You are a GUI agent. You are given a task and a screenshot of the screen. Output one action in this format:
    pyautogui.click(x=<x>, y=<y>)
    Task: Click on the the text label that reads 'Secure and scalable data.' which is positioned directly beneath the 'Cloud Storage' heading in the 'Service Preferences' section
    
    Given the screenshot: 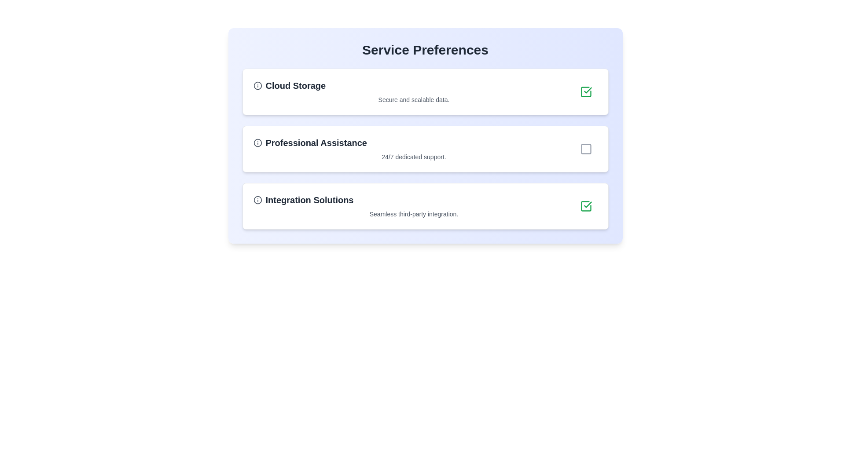 What is the action you would take?
    pyautogui.click(x=413, y=99)
    